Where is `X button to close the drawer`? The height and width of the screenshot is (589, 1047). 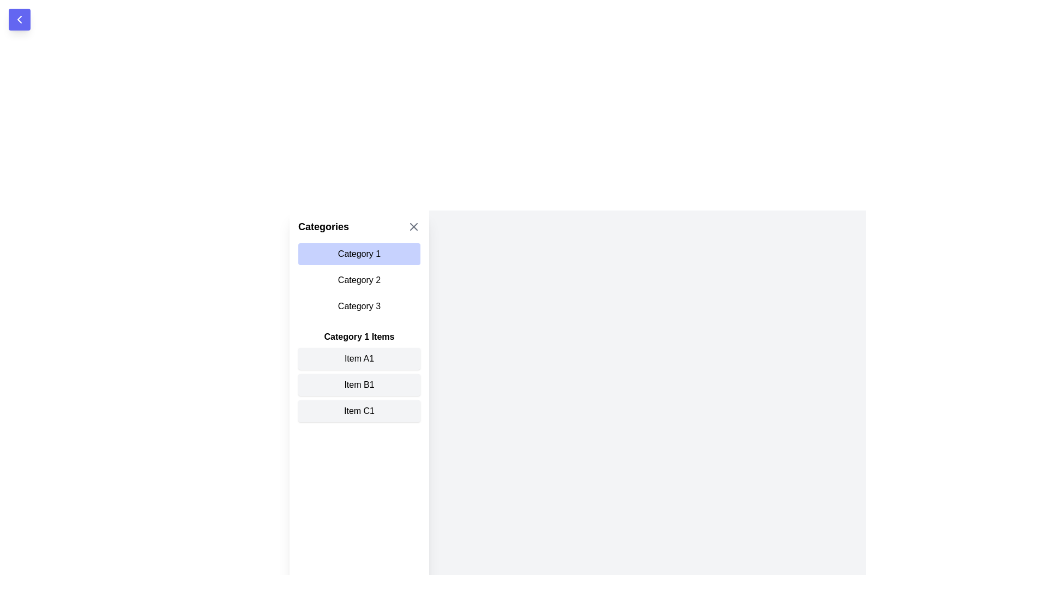 X button to close the drawer is located at coordinates (413, 226).